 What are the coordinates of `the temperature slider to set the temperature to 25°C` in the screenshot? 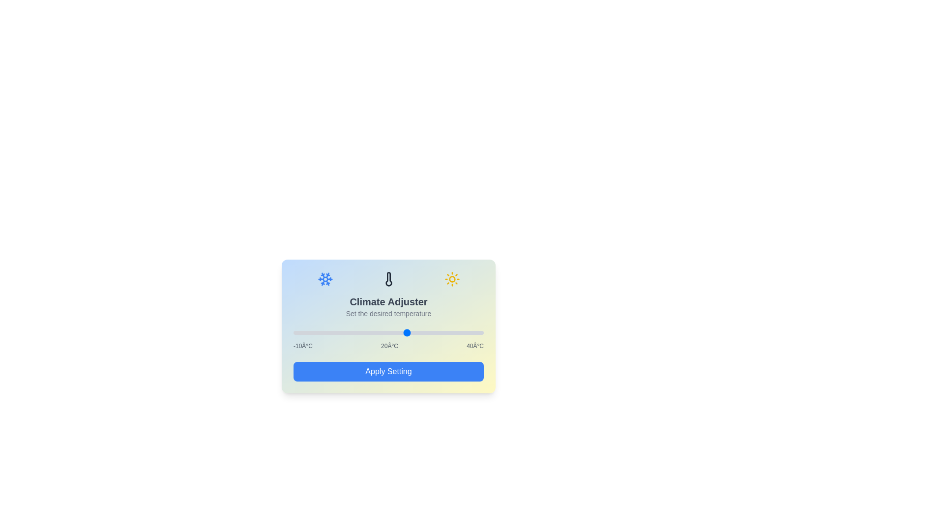 It's located at (426, 332).